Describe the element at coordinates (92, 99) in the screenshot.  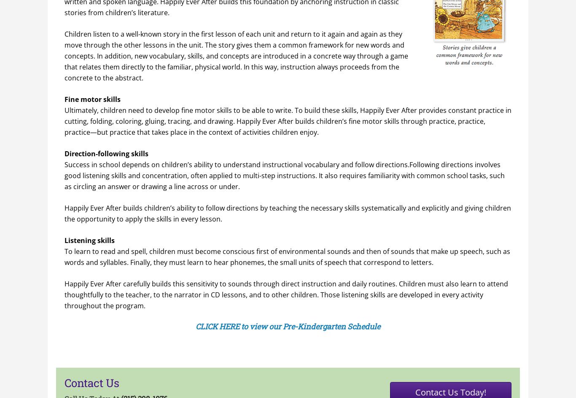
I see `'Fine motor skills'` at that location.